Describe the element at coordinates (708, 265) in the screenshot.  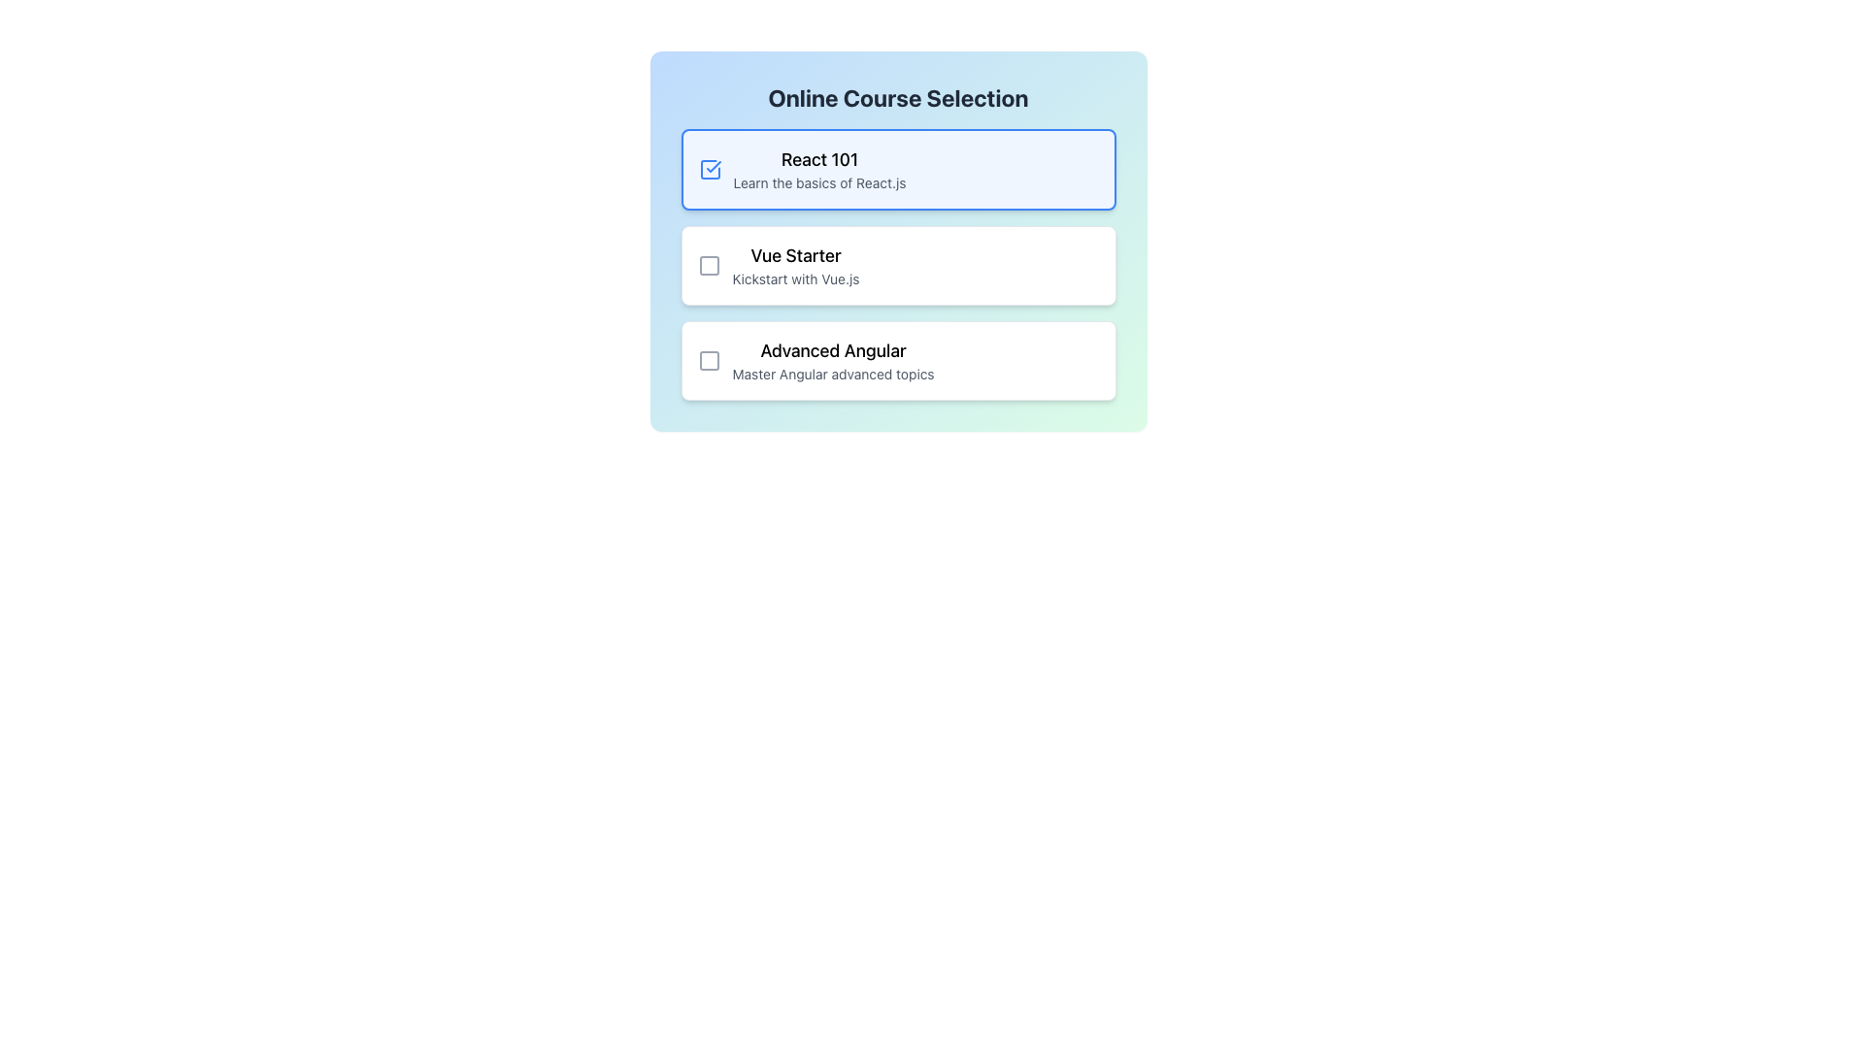
I see `the visual indicator icon located immediately to the left of the text 'Vue Starter' in the middle row of the 'Online Course Selection' panel` at that location.